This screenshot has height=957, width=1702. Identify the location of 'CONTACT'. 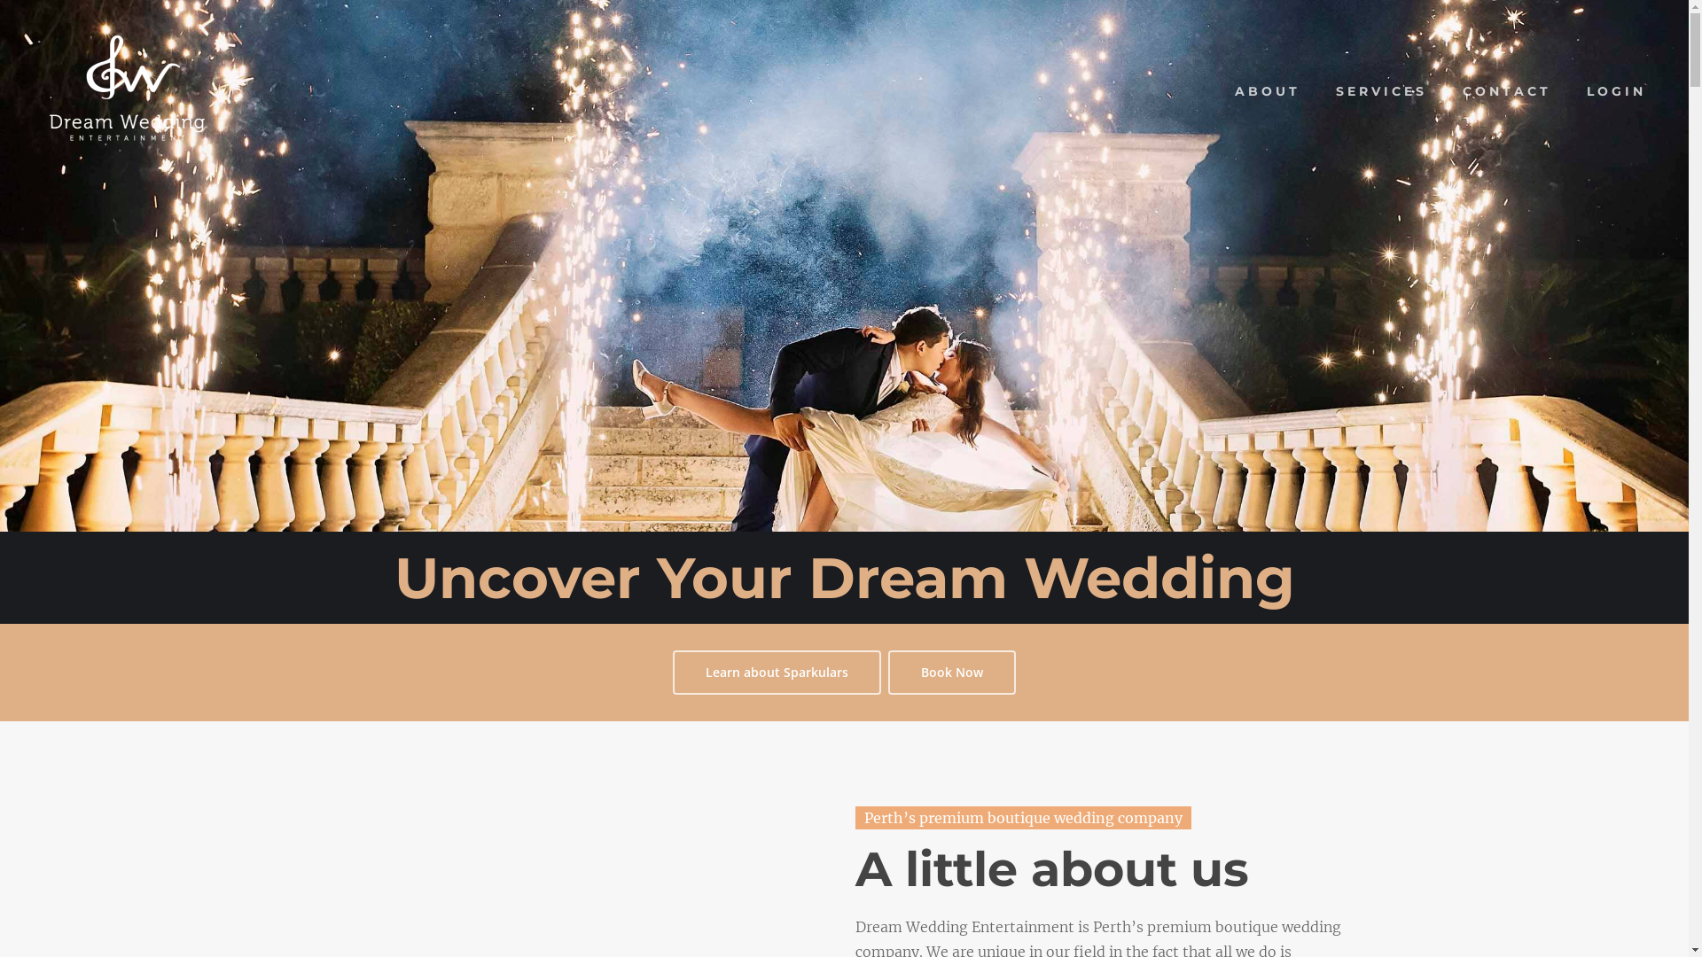
(1505, 91).